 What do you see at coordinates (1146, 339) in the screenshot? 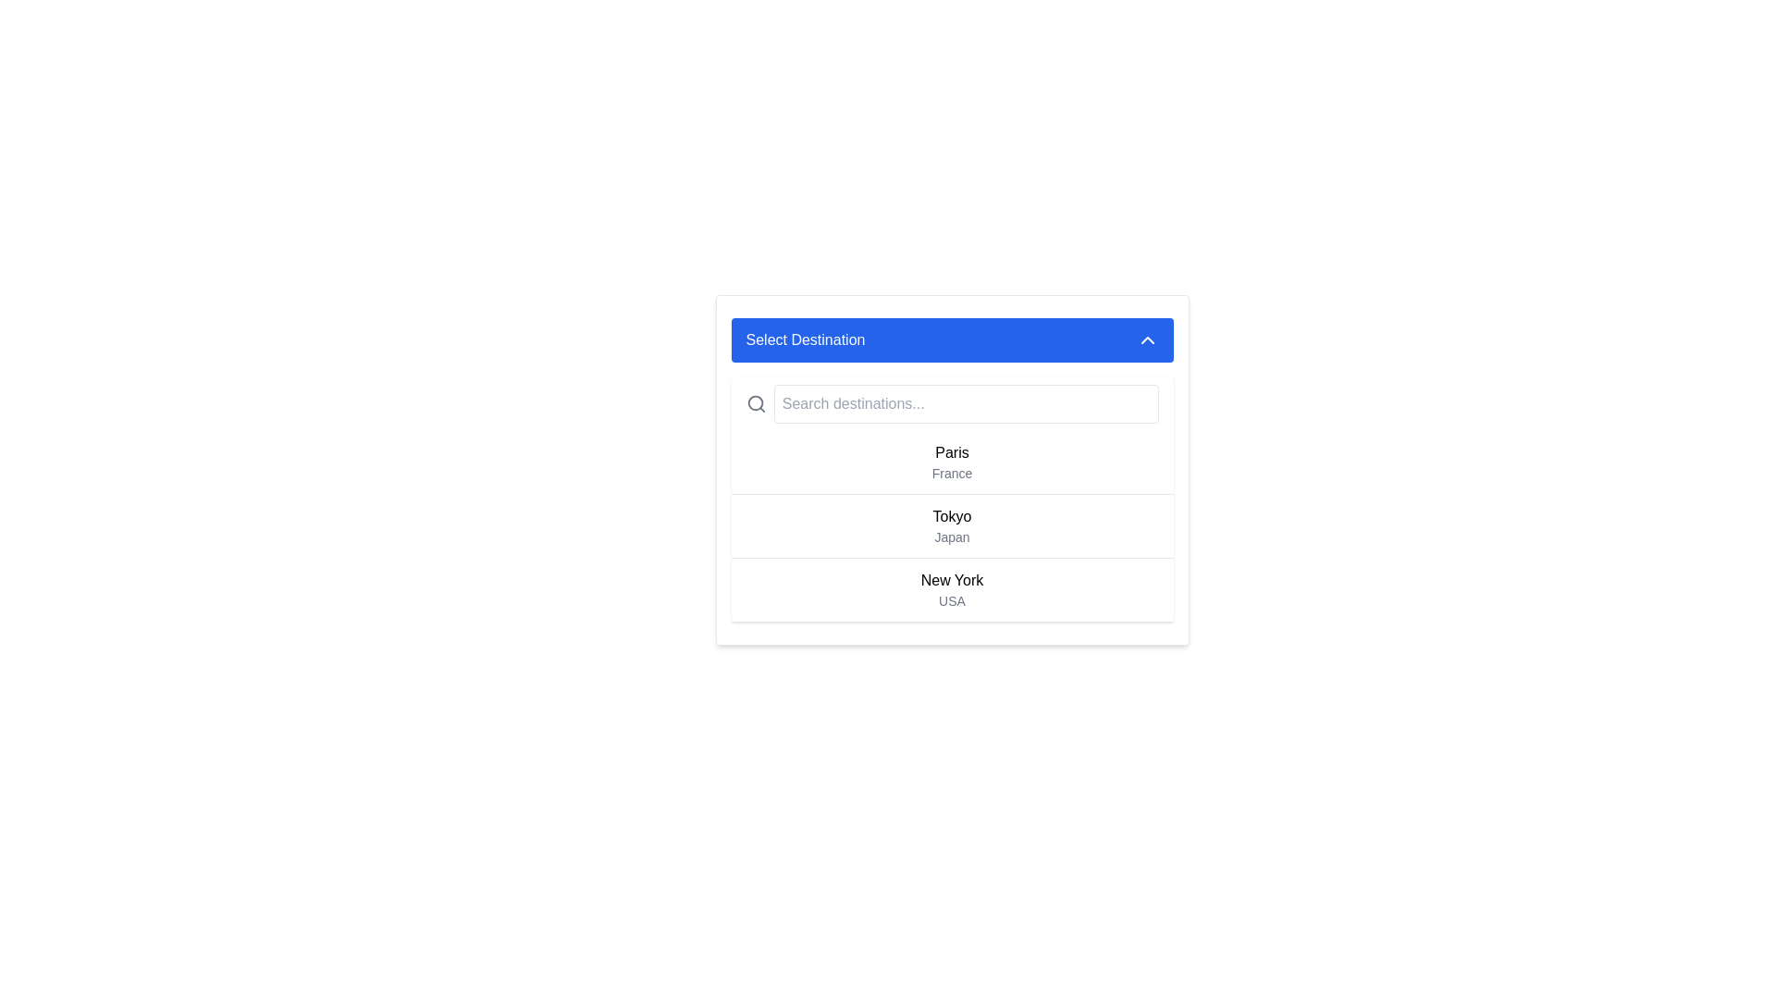
I see `the chevron icon button at the far right end of the blue 'Select Destination' bar` at bounding box center [1146, 339].